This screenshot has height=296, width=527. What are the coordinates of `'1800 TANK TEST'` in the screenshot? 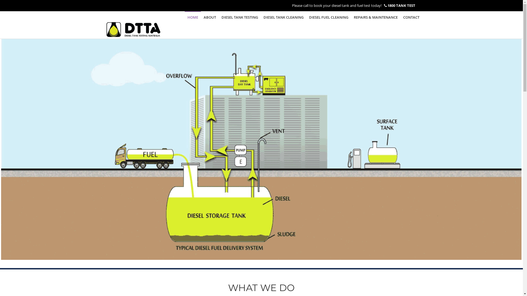 It's located at (387, 5).